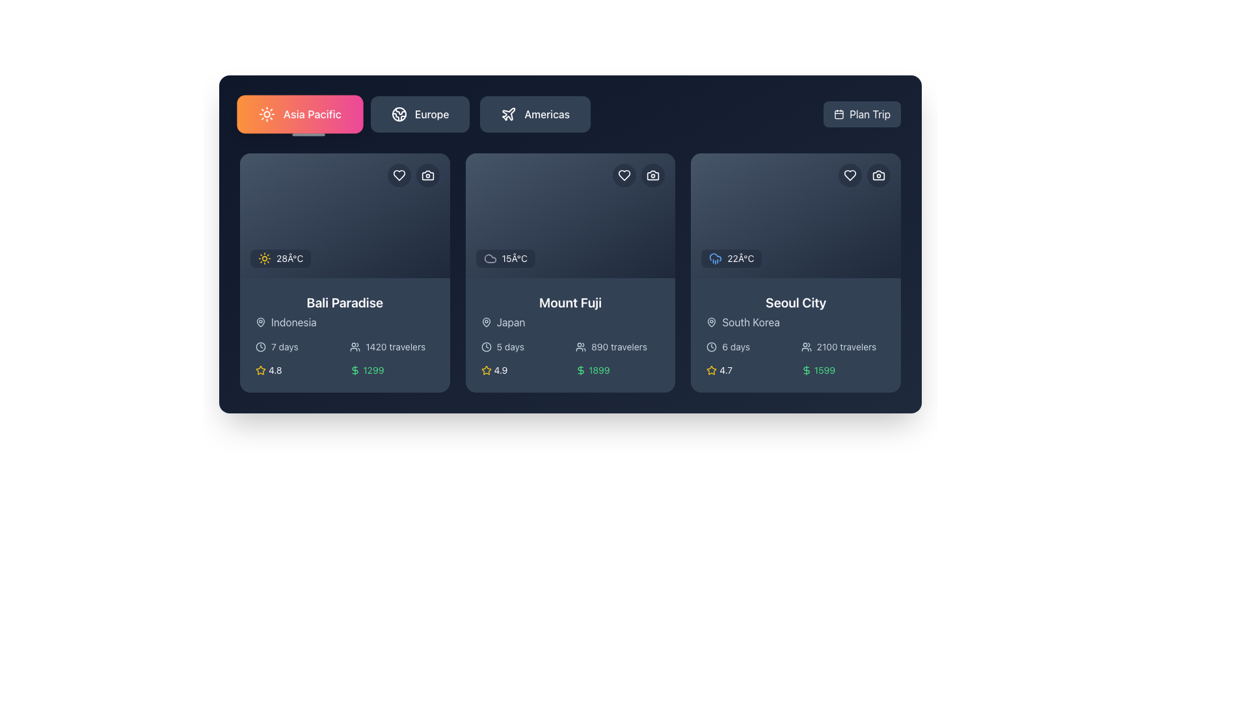 The height and width of the screenshot is (702, 1249). What do you see at coordinates (824, 370) in the screenshot?
I see `the static text element displaying the price '1599' on the 'Seoul City' card, which is located in the bottom right section next to a green dollar symbol icon` at bounding box center [824, 370].